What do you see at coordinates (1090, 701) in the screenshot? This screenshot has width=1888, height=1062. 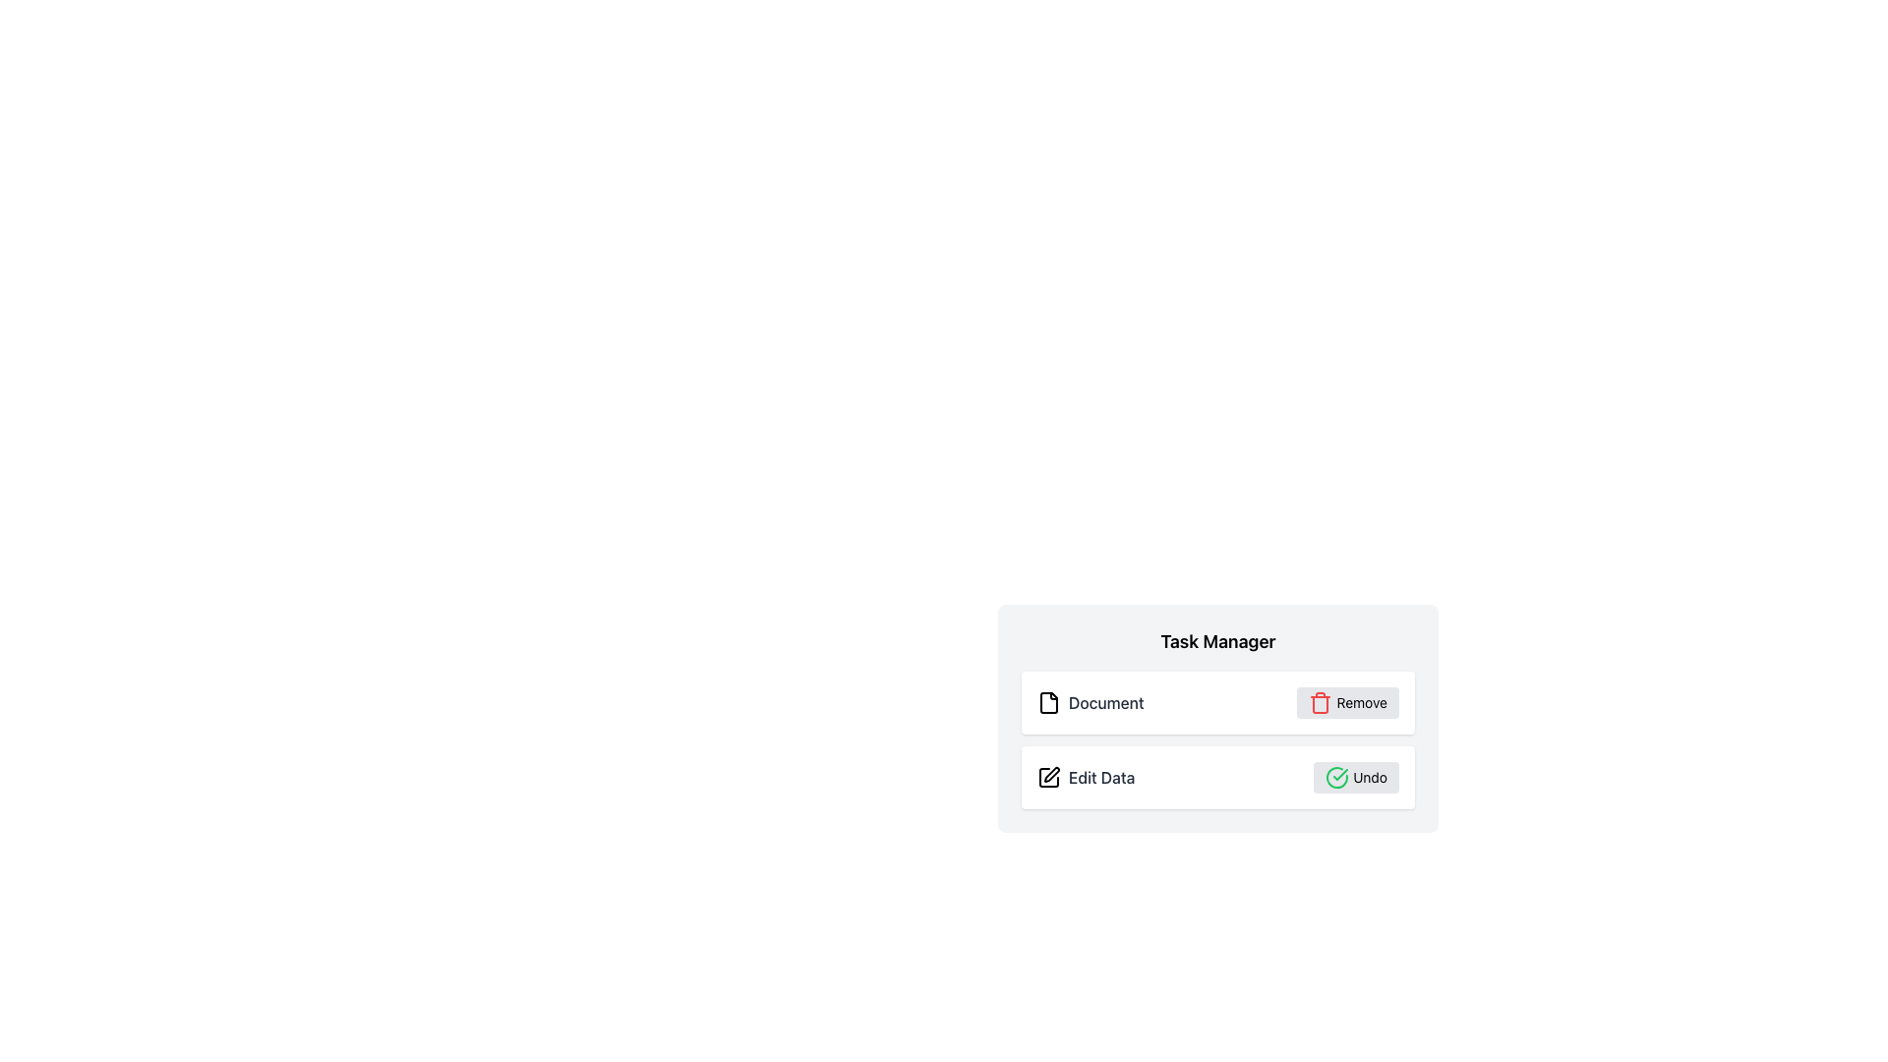 I see `the Label element displaying the text 'Document' next to a file icon, located in the top-left section of the 'Task Manager' group` at bounding box center [1090, 701].